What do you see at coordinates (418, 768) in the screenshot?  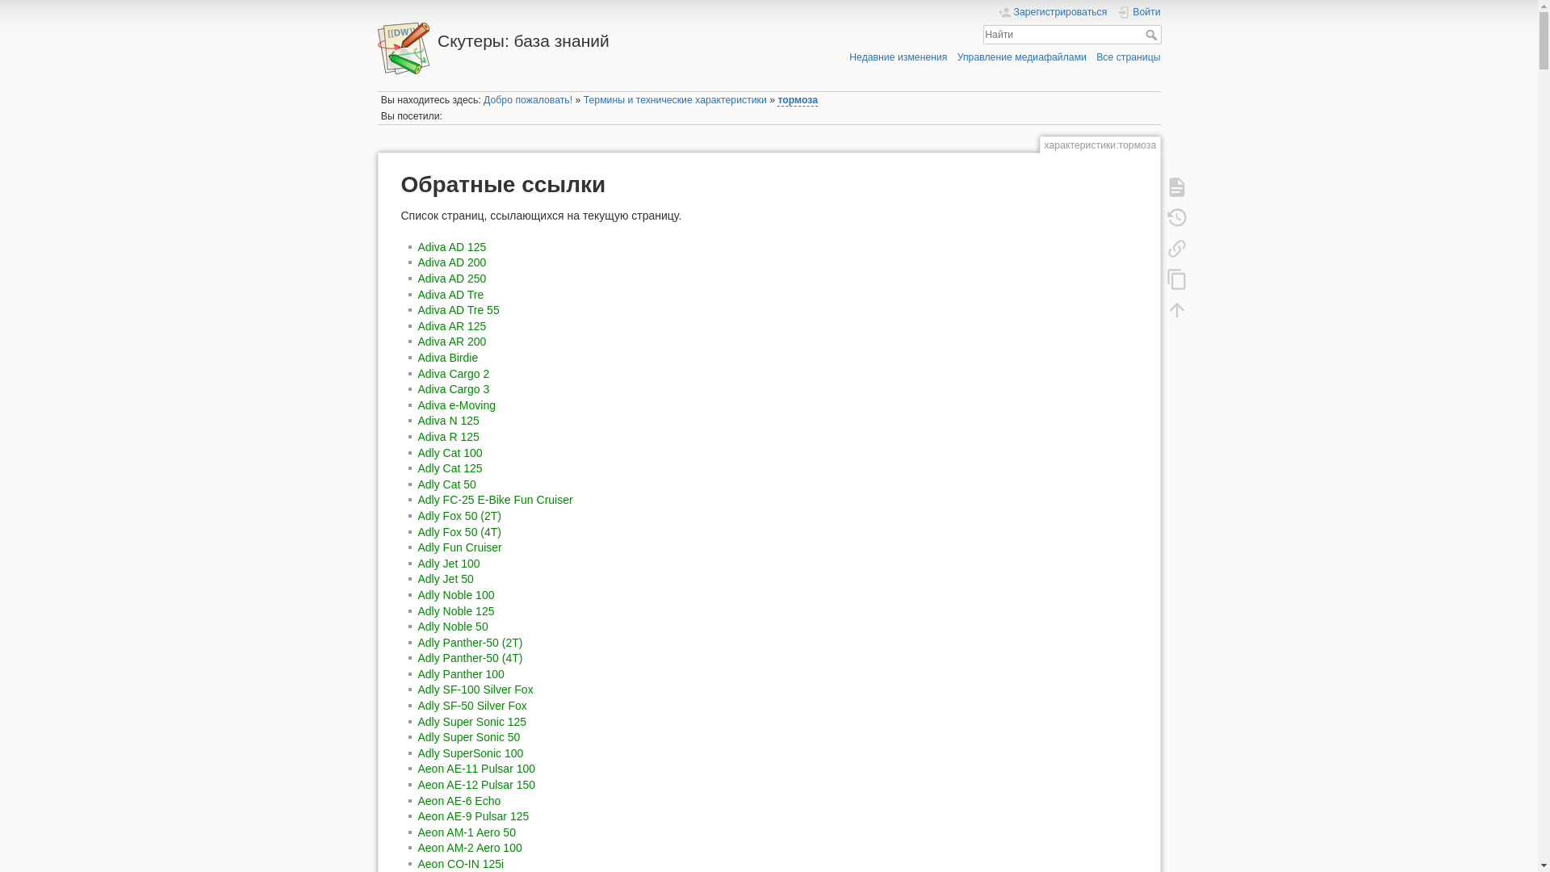 I see `'Aeon AE-11 Pulsar 100'` at bounding box center [418, 768].